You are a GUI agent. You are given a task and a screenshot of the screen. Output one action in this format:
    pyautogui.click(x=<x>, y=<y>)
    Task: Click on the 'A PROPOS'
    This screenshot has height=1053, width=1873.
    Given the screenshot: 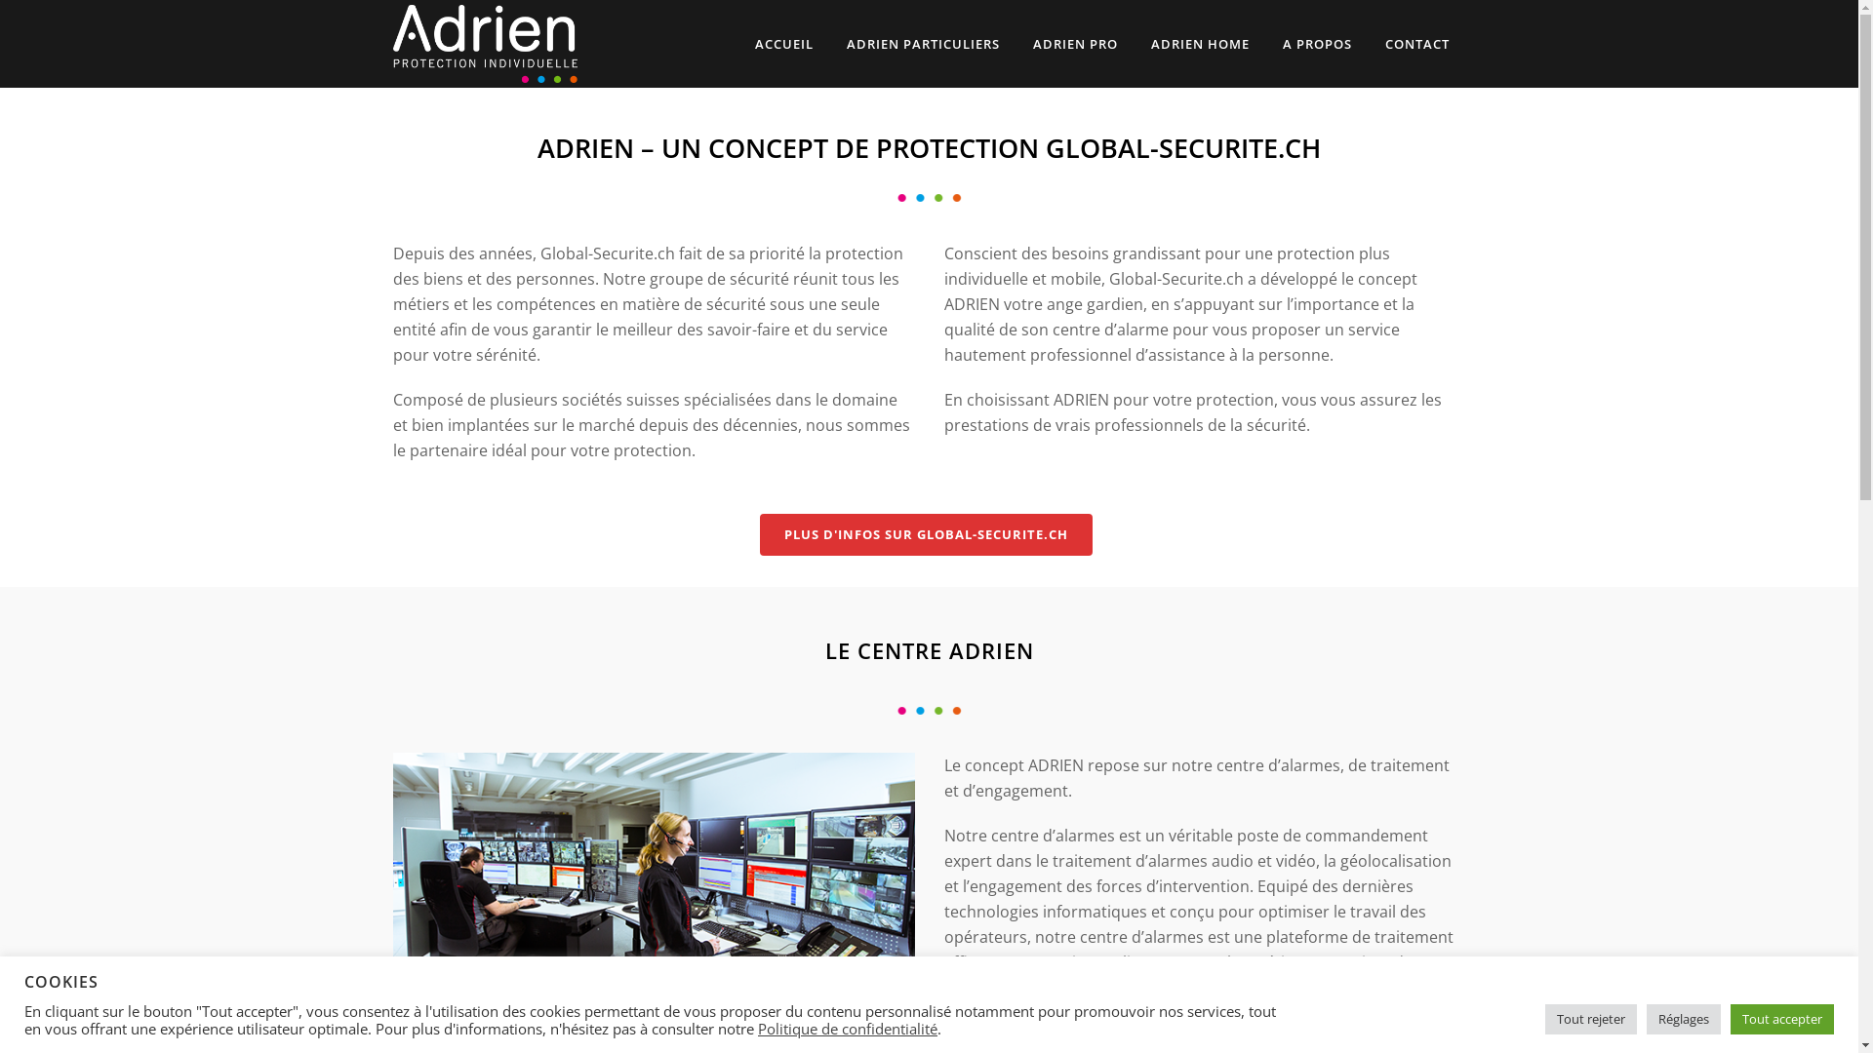 What is the action you would take?
    pyautogui.click(x=1317, y=44)
    